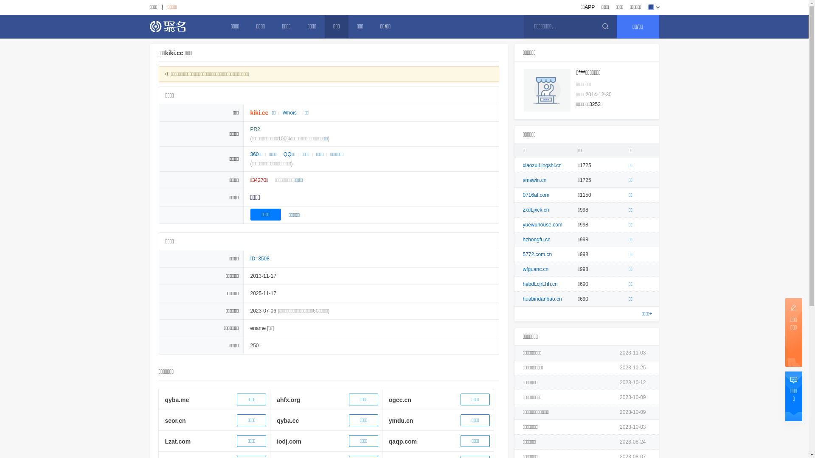 This screenshot has width=815, height=458. What do you see at coordinates (535, 269) in the screenshot?
I see `'wfguanc.cn'` at bounding box center [535, 269].